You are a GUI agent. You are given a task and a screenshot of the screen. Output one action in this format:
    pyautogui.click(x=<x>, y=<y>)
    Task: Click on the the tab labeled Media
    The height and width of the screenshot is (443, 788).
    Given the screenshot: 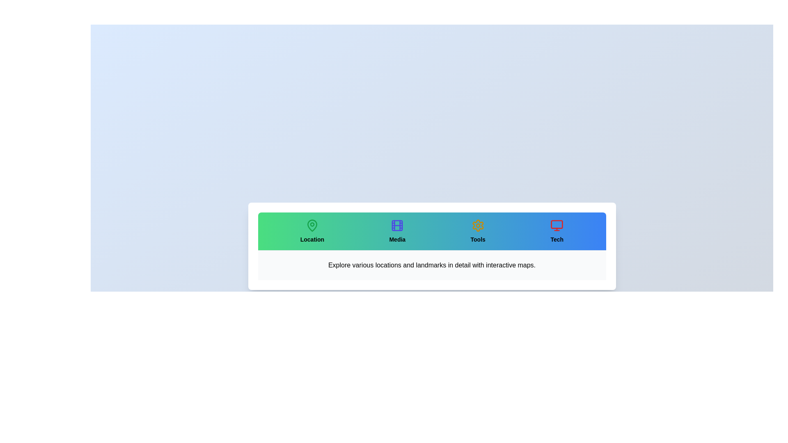 What is the action you would take?
    pyautogui.click(x=397, y=231)
    